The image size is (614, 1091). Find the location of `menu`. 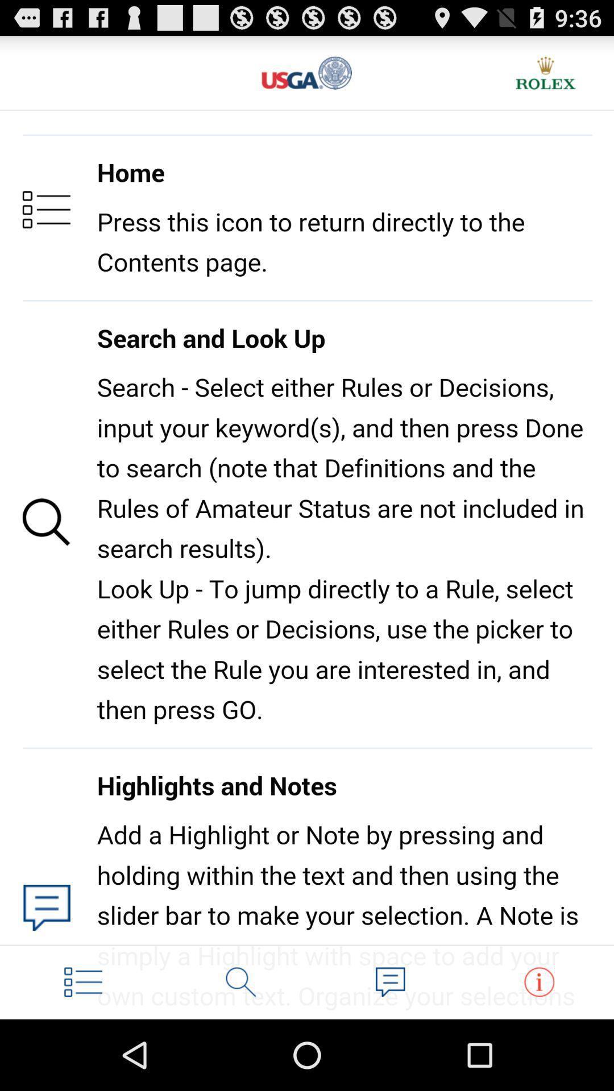

menu is located at coordinates (82, 981).